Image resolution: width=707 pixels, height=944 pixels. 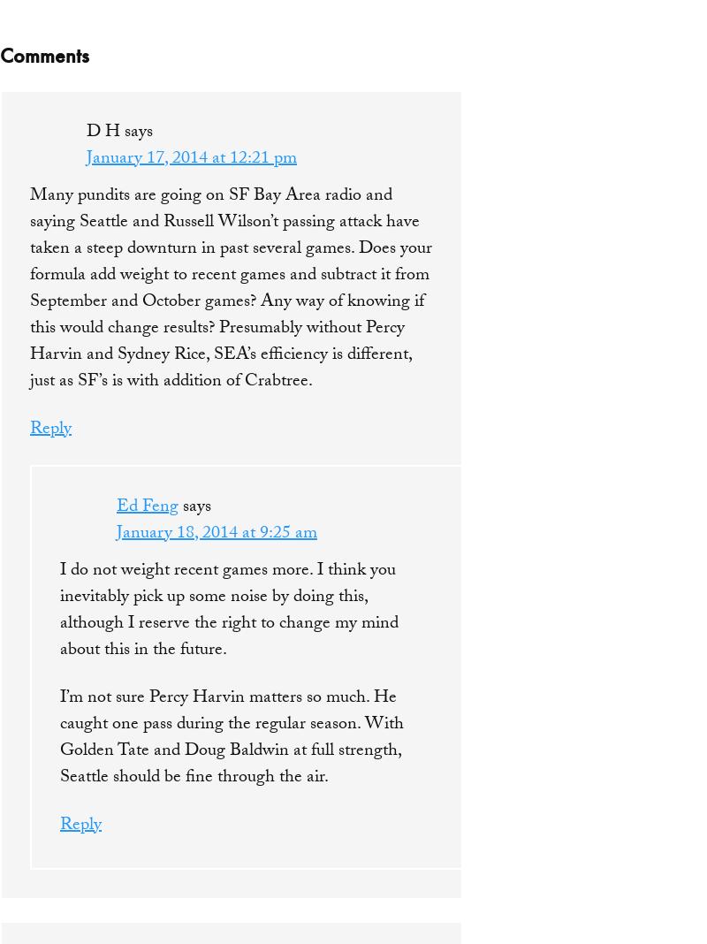 What do you see at coordinates (147, 506) in the screenshot?
I see `'Ed Feng'` at bounding box center [147, 506].